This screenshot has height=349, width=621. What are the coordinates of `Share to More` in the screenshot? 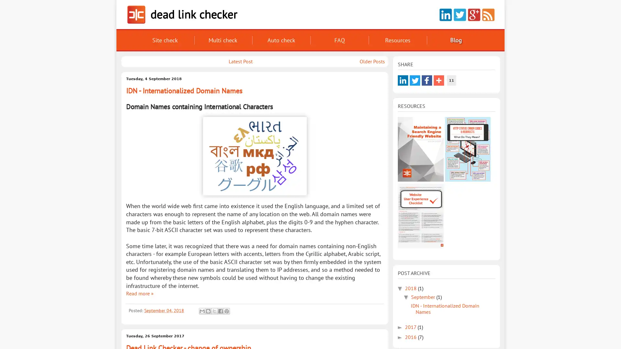 It's located at (439, 80).